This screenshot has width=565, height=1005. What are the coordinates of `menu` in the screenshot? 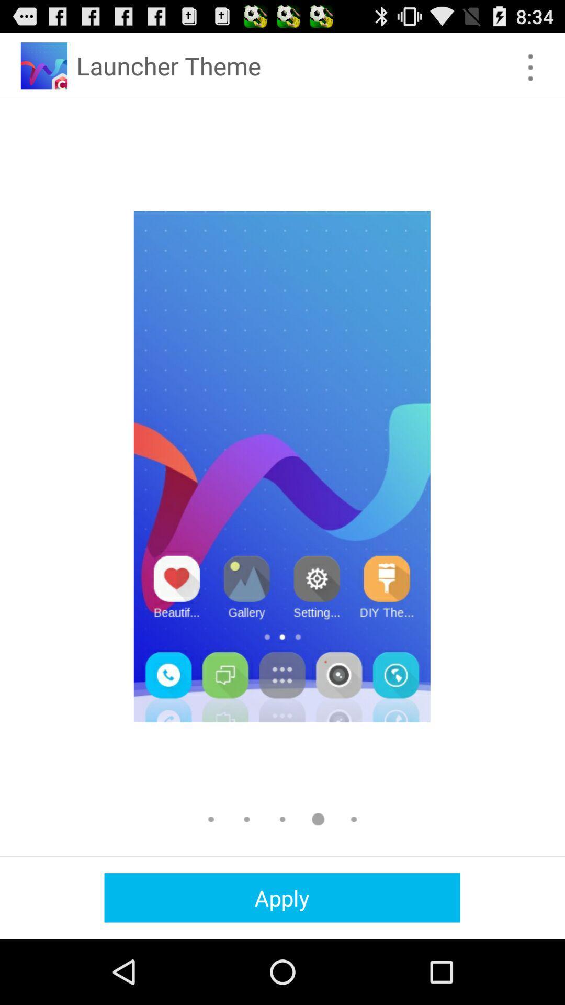 It's located at (530, 67).